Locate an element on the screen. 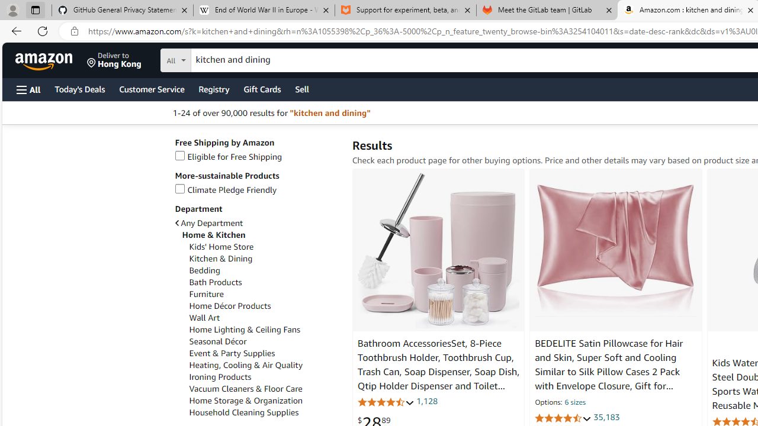 The image size is (758, 426). 'Vacuum Cleaners & Floor Care' is located at coordinates (245, 389).